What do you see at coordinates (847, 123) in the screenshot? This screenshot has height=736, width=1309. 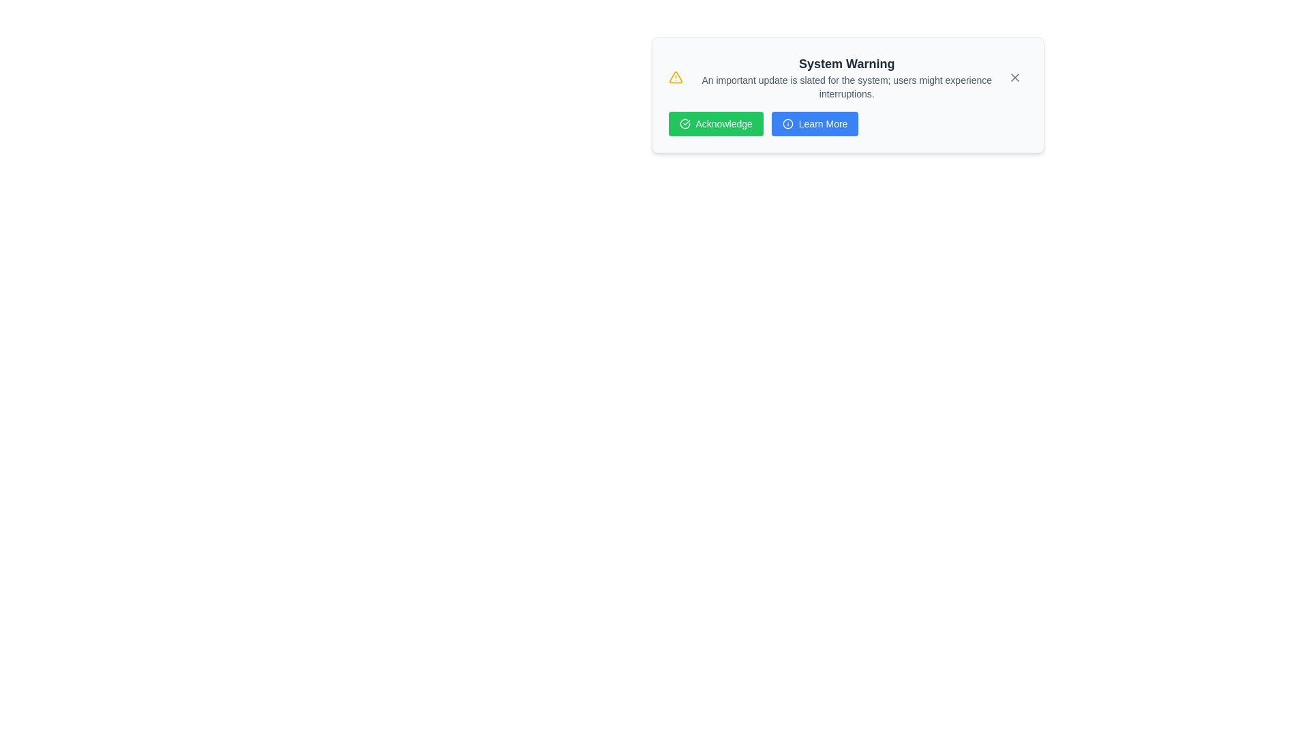 I see `the 'Learn More' button, which is part of a group of buttons styled with blue and green backgrounds, located at the bottom of a notification component with a warning message` at bounding box center [847, 123].